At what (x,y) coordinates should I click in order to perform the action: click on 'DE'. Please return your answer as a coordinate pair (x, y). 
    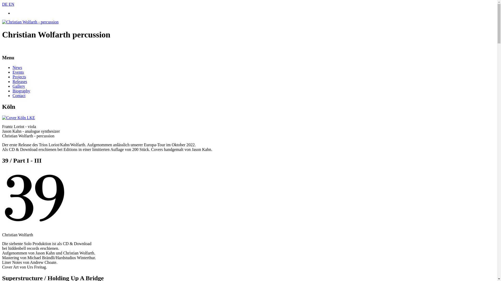
    Looking at the image, I should click on (5, 4).